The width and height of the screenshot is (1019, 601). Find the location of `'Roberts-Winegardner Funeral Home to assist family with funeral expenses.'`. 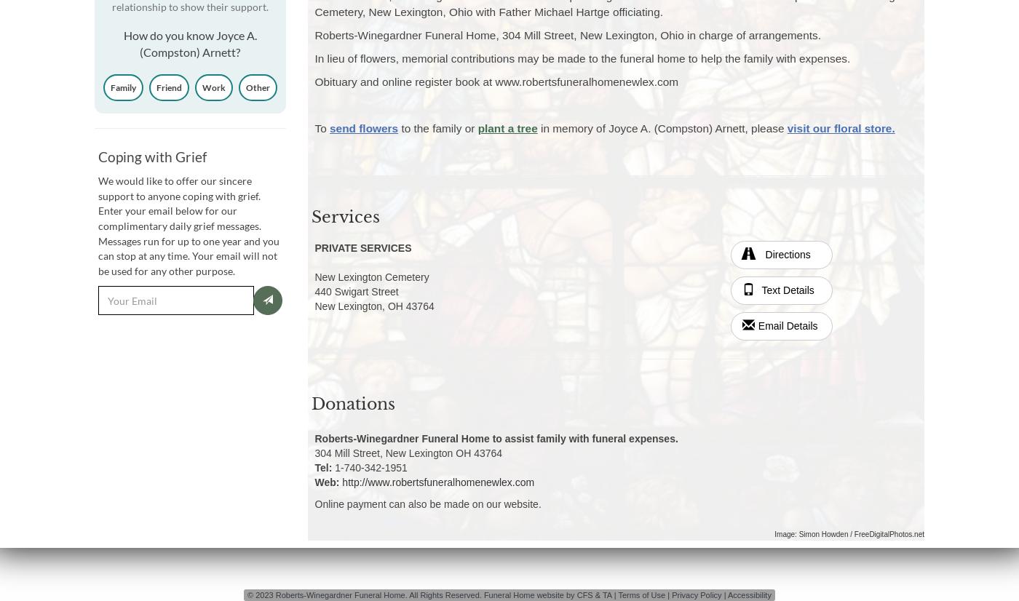

'Roberts-Winegardner Funeral Home to assist family with funeral expenses.' is located at coordinates (496, 438).